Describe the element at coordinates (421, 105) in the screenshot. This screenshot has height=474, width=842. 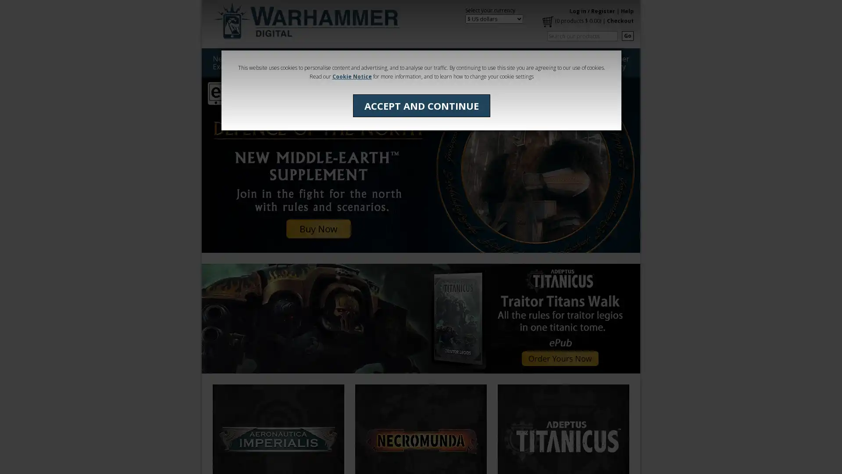
I see `ACCEPT AND CONTINUE` at that location.